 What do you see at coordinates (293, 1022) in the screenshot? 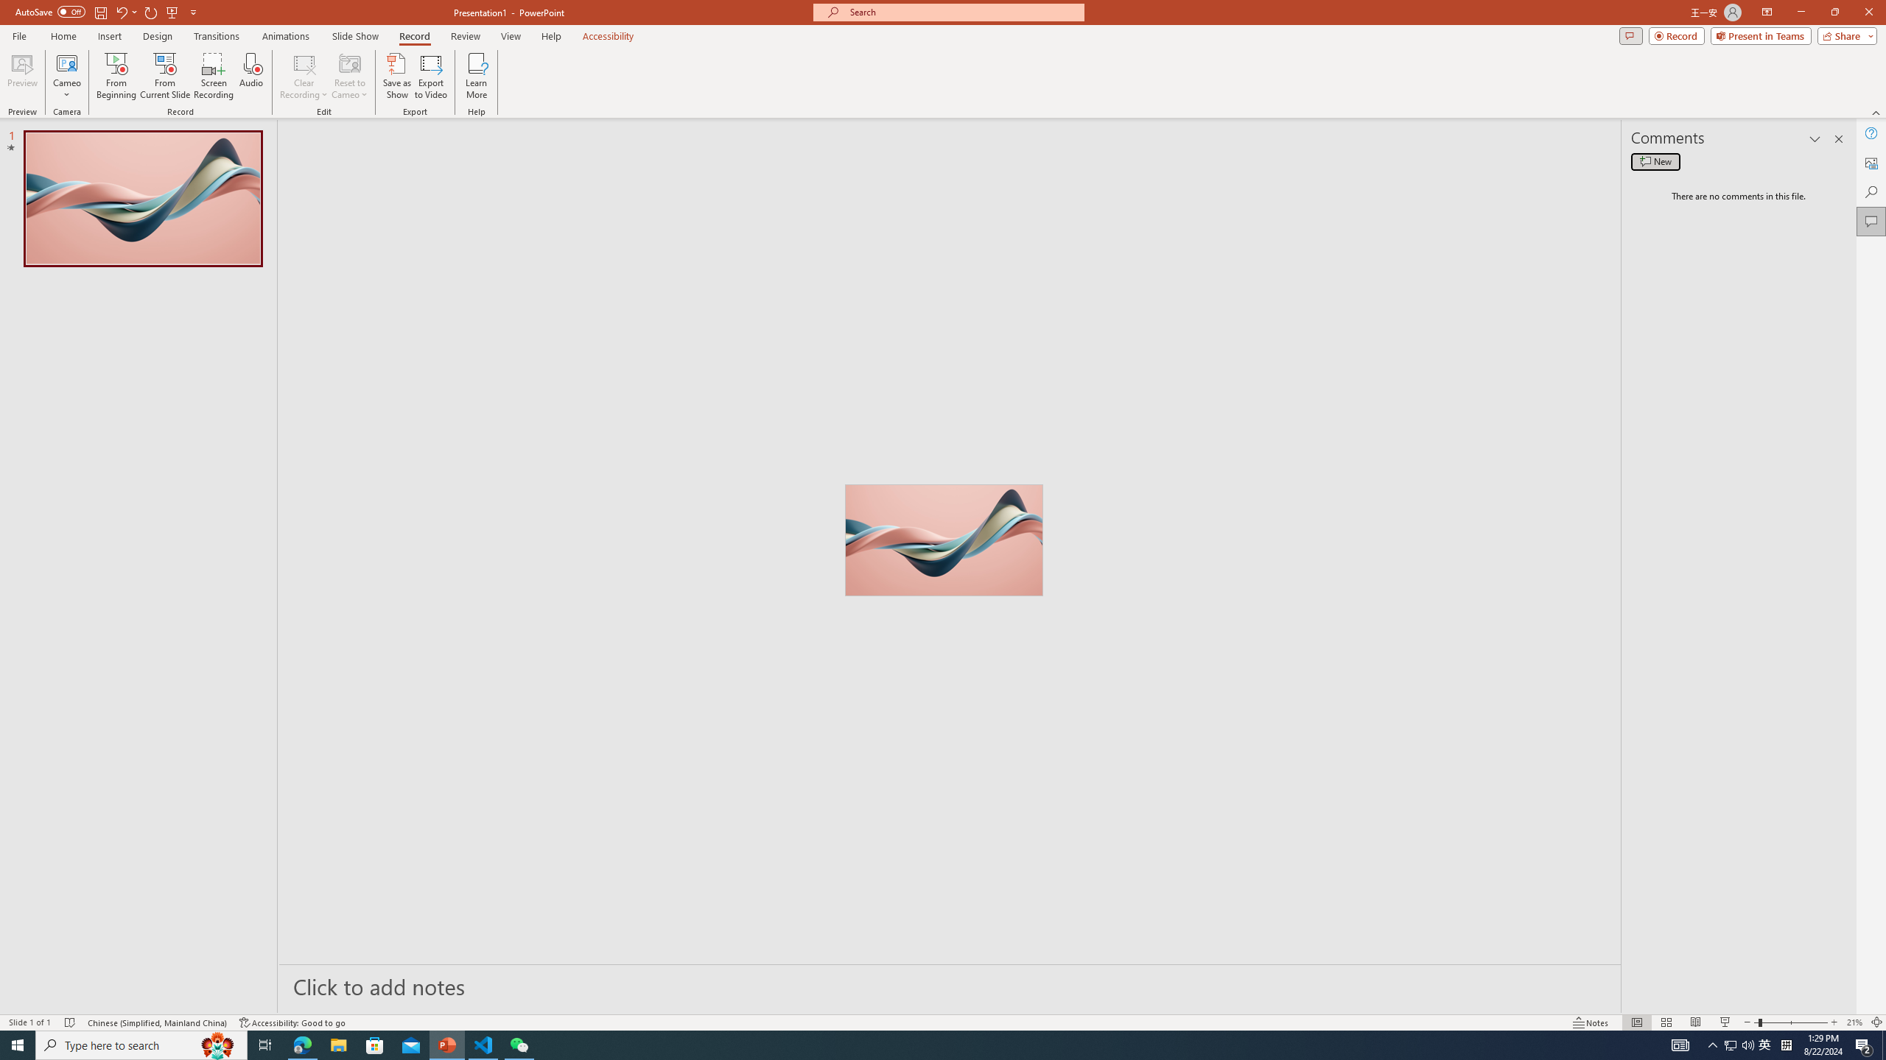
I see `'Accessibility Checker Accessibility: Good to go'` at bounding box center [293, 1022].